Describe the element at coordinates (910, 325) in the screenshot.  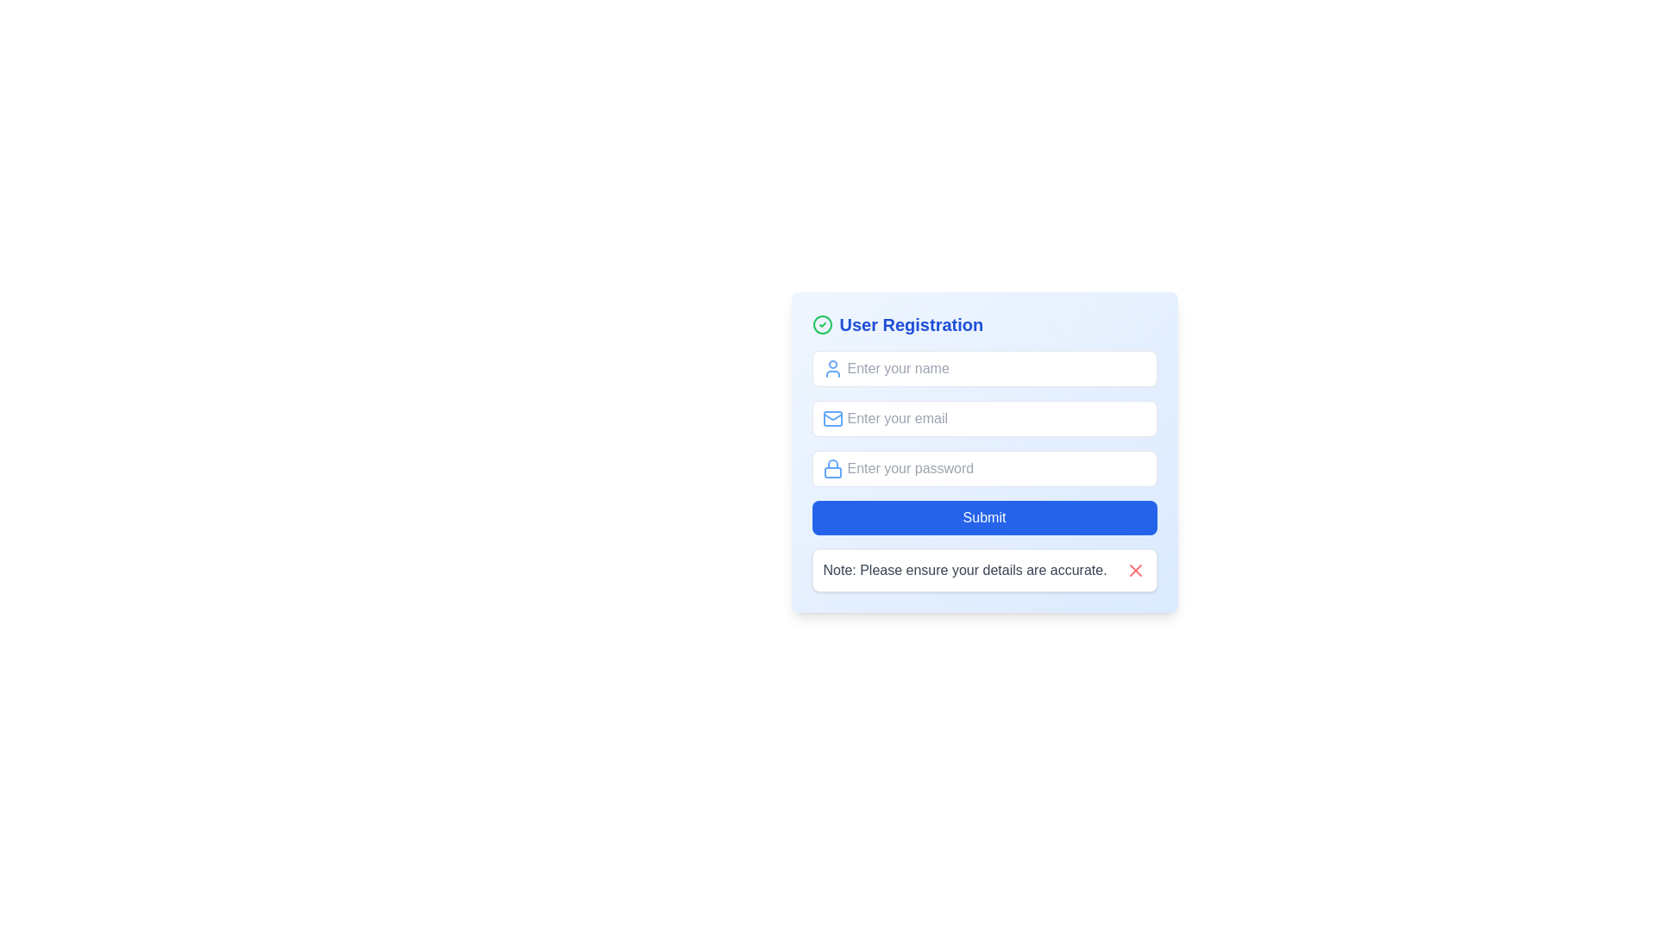
I see `static text label that acts as a header or title for the registration form, located at the top of the registration form section` at that location.